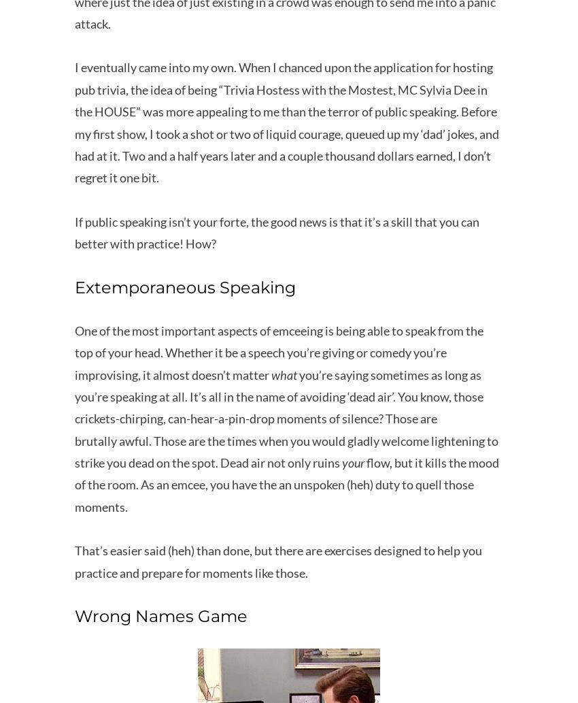 The height and width of the screenshot is (703, 578). What do you see at coordinates (184, 287) in the screenshot?
I see `'Extemporaneous Speaking'` at bounding box center [184, 287].